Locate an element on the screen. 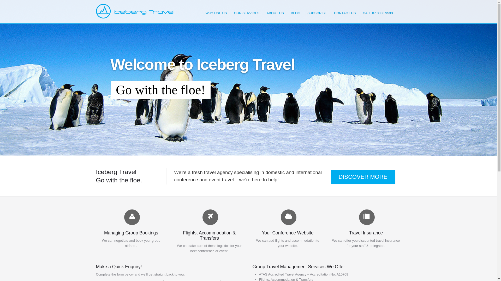 The image size is (501, 281). 'ABOUT US' is located at coordinates (275, 13).